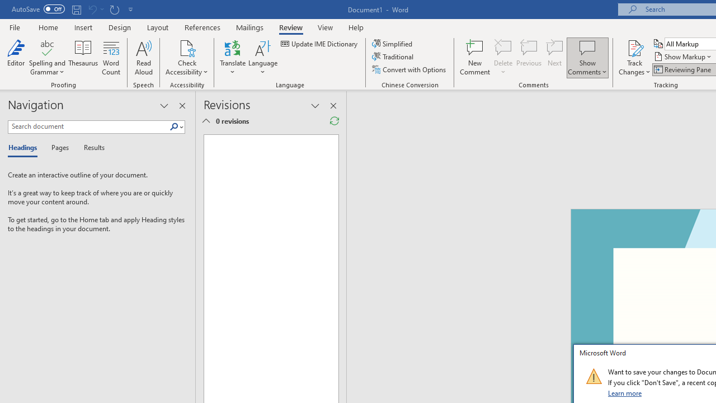  I want to click on 'Can', so click(95, 9).